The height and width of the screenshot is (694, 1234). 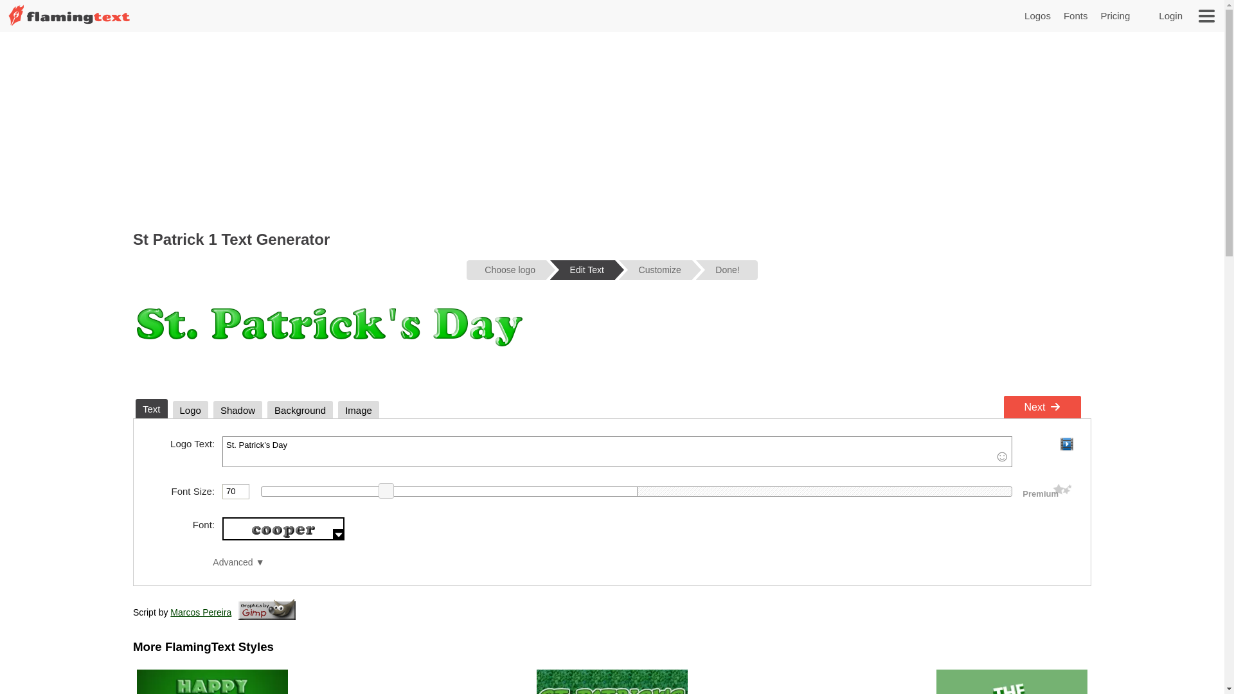 I want to click on 'Advanced', so click(x=213, y=562).